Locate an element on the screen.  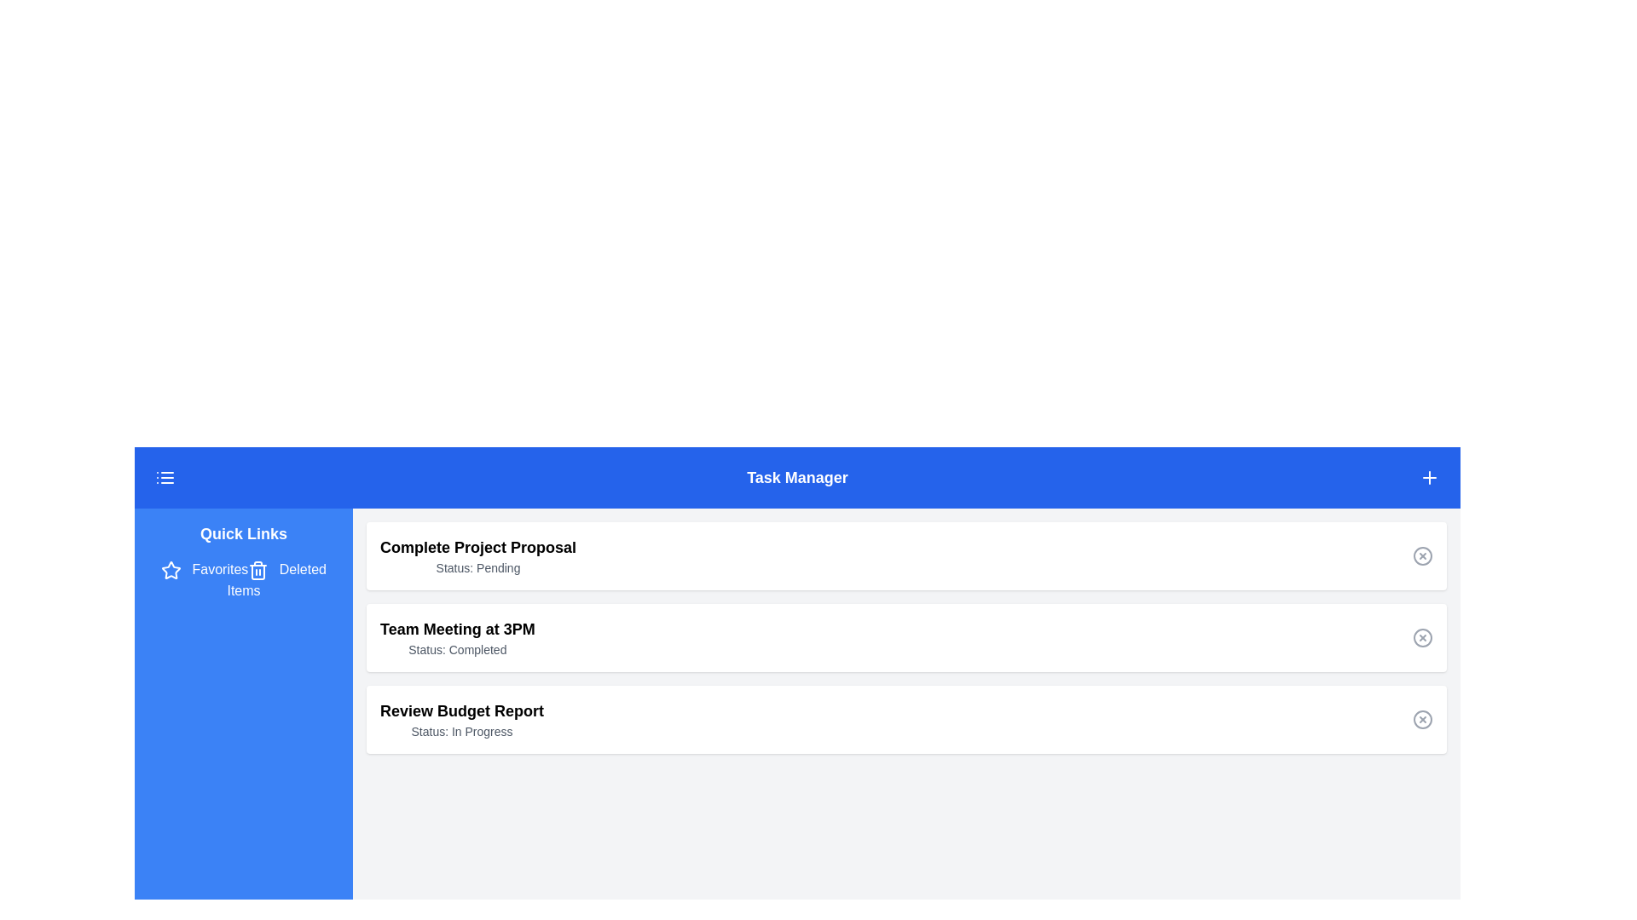
the informational text block that provides details about a project task, specifically its name and current status ('Pending'), located within the first card below the blue header bar is located at coordinates (477, 555).